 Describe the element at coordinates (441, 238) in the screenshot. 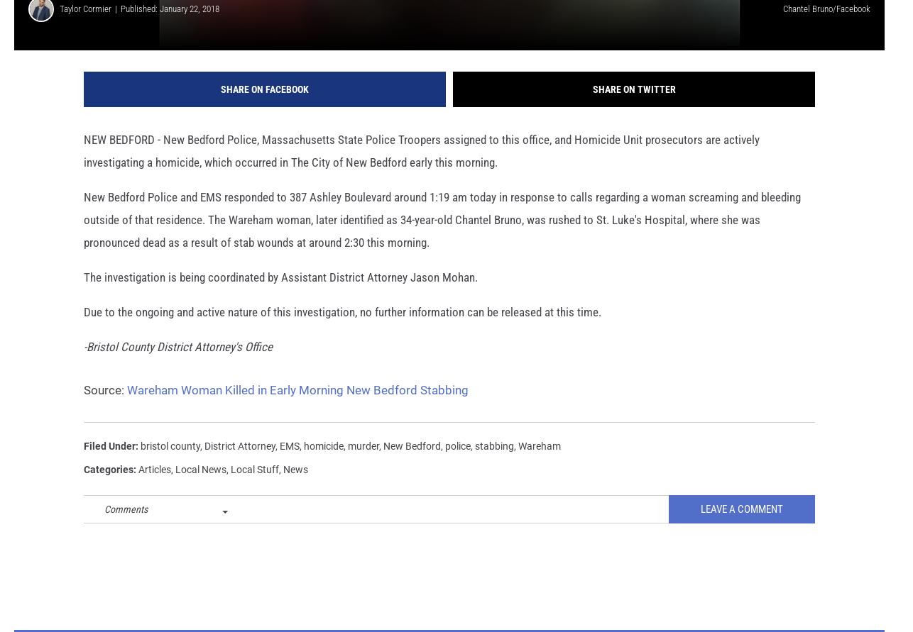

I see `'New Bedford Police and EMS responded to 387 Ashley Boulevard around 1:19 am today in response to calls regarding a woman screaming and bleeding outside of that residence. The Wareham woman, later identified as 34-year-old Chantel Bruno, was rushed to St. Luke's Hospital, where she was pronounced dead as a result of stab wounds at around 2:30 this morning.'` at that location.